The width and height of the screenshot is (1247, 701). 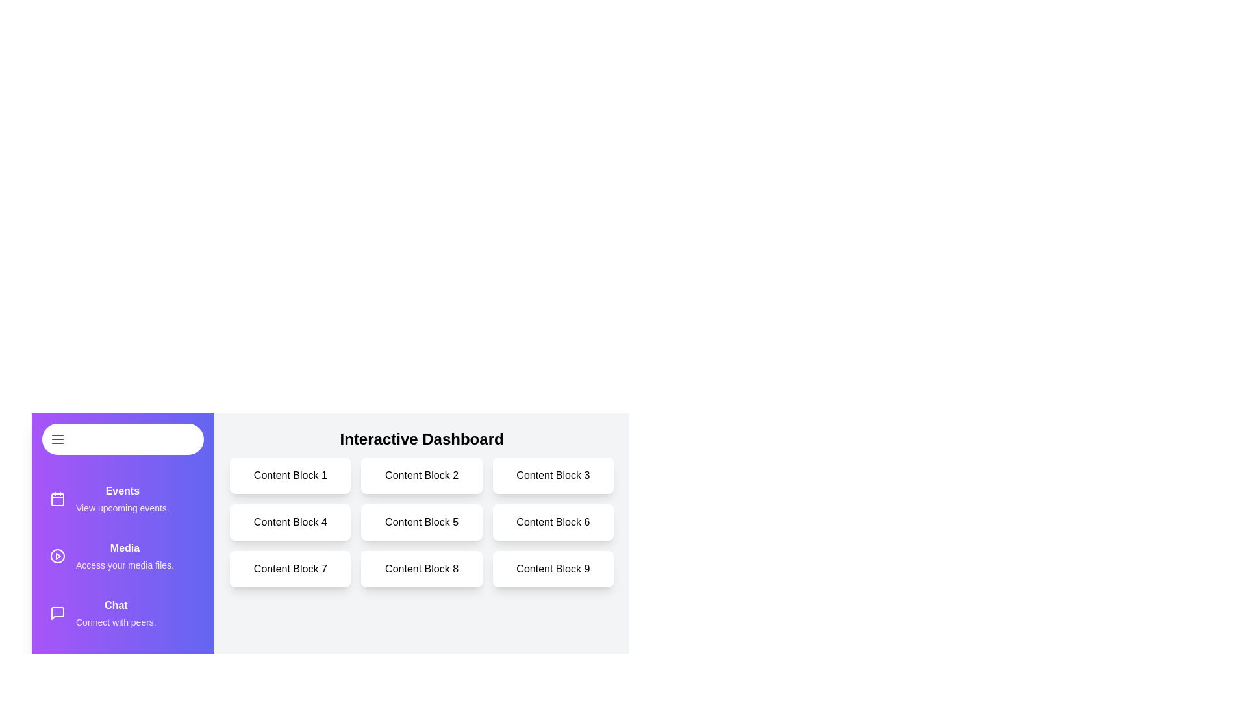 What do you see at coordinates (123, 613) in the screenshot?
I see `the drawer item corresponding to Chat` at bounding box center [123, 613].